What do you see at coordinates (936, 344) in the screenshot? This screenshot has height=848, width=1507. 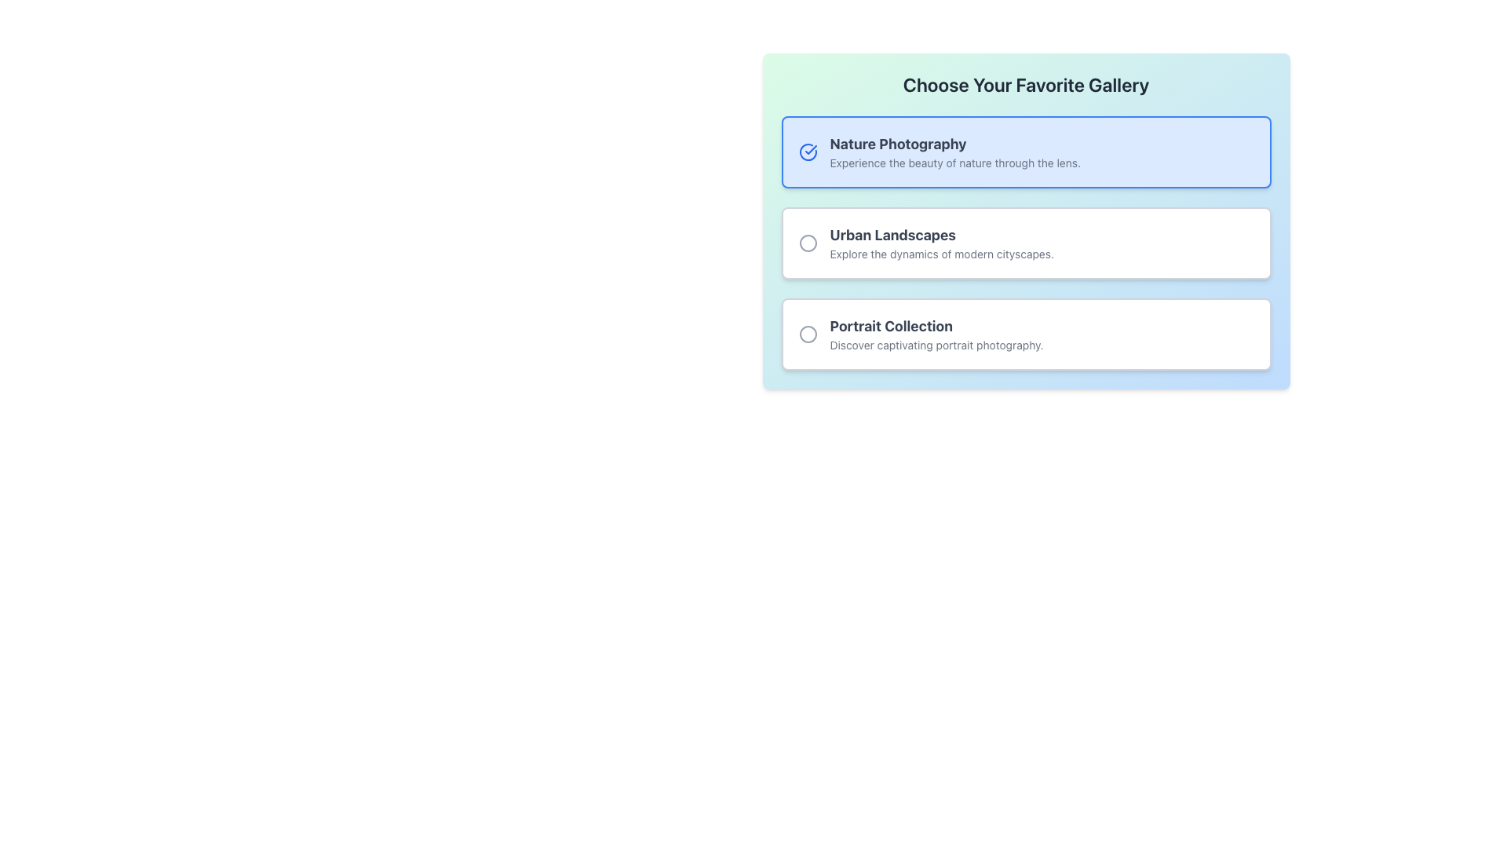 I see `descriptive text 'Discover captivating portrait photography.' positioned below 'Portrait Collection' in the third selection of a vertical list` at bounding box center [936, 344].